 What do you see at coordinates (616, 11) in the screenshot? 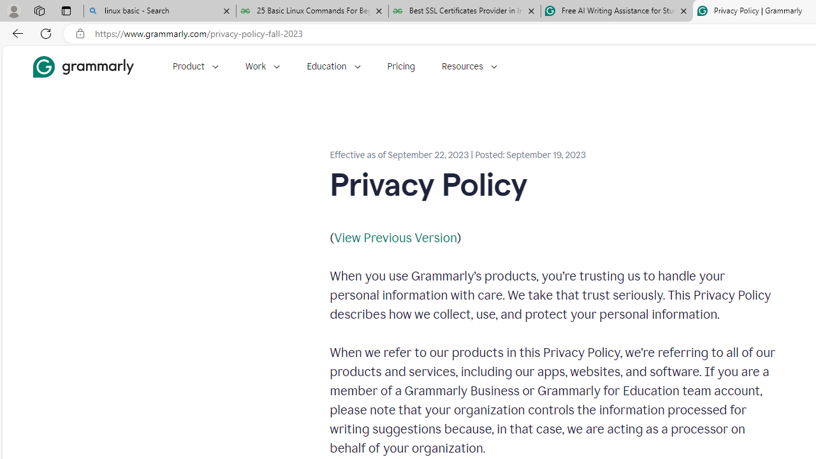
I see `'Free AI Writing Assistance for Students | Grammarly'` at bounding box center [616, 11].